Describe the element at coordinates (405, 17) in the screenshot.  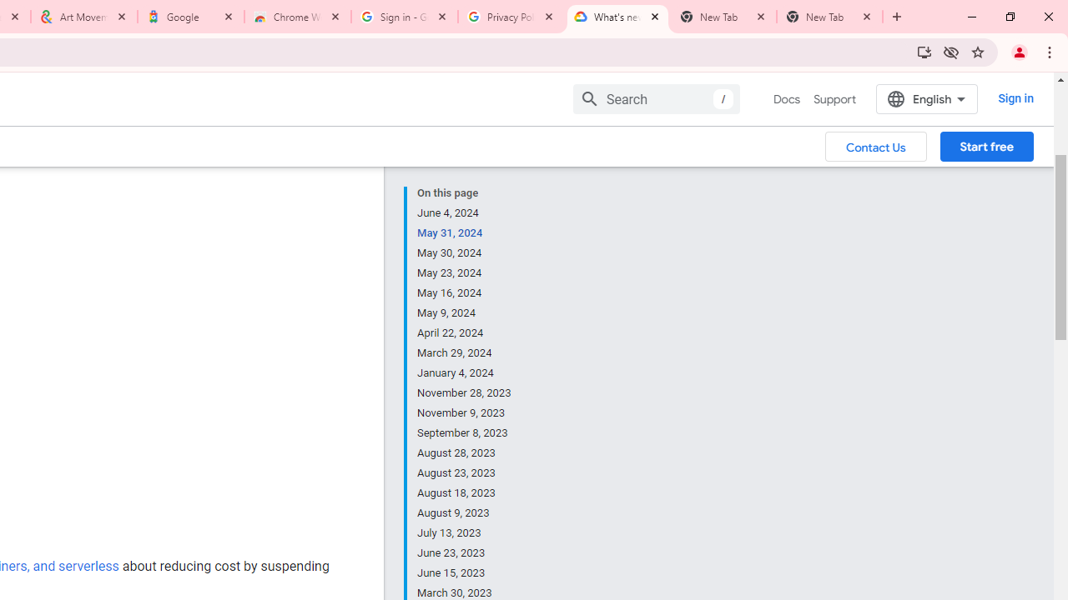
I see `'Sign in - Google Accounts'` at that location.